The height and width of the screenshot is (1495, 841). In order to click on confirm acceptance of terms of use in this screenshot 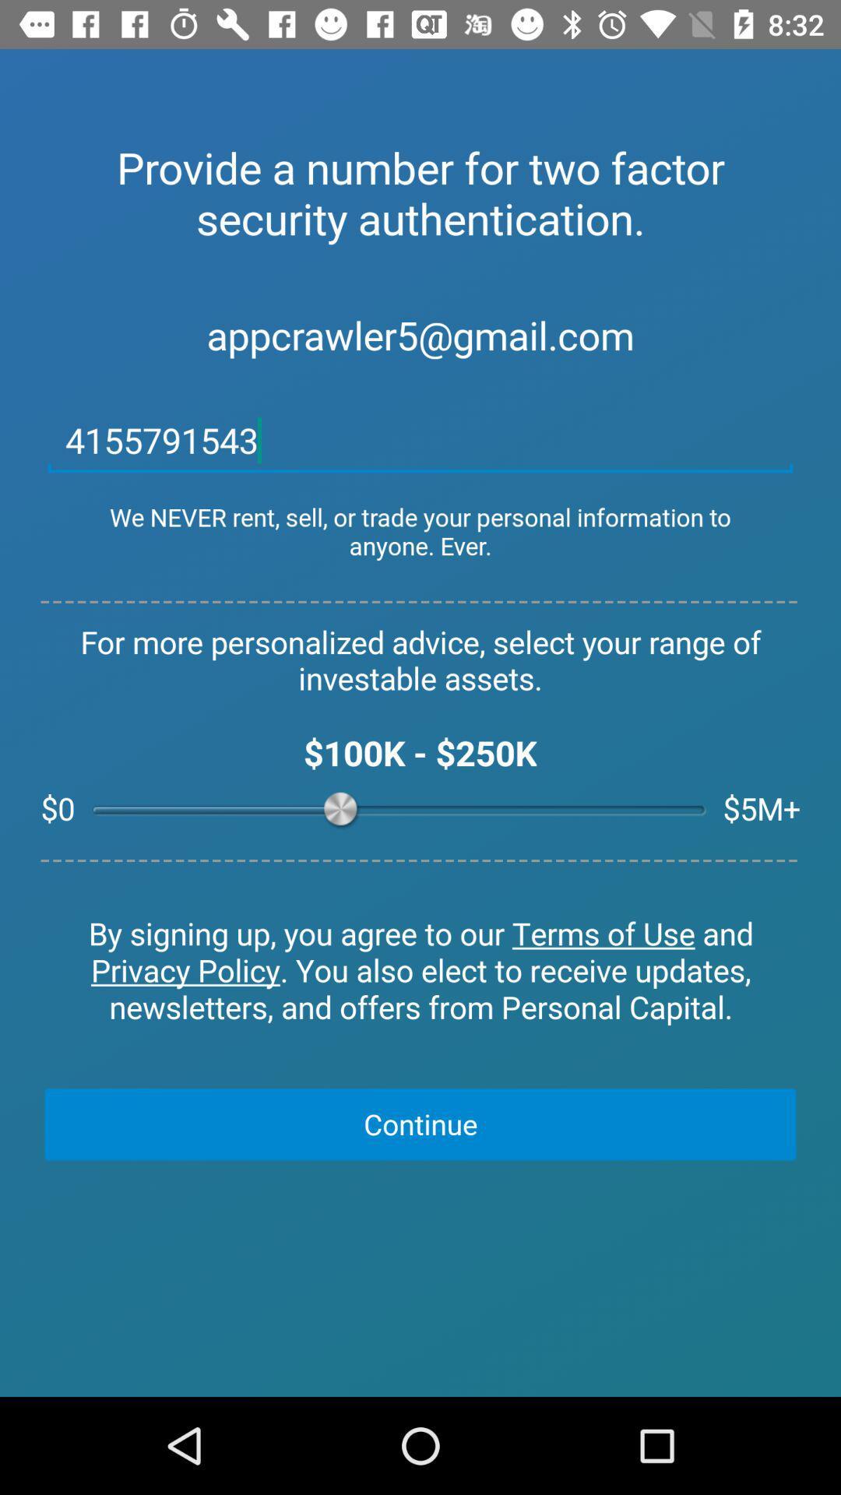, I will do `click(420, 971)`.